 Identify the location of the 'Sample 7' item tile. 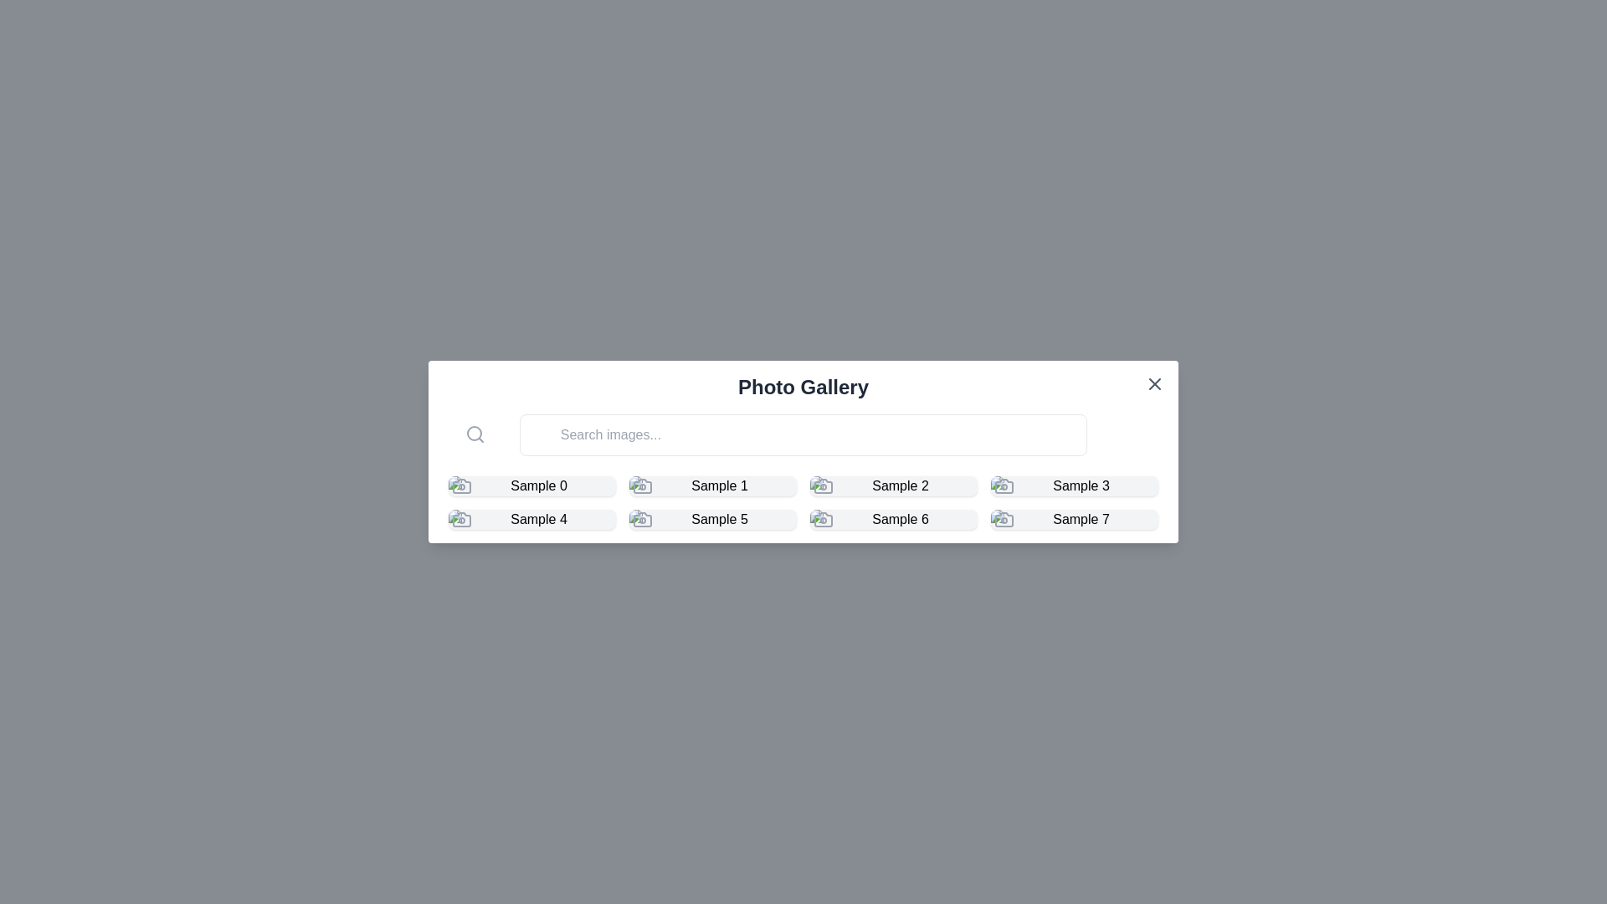
(1074, 519).